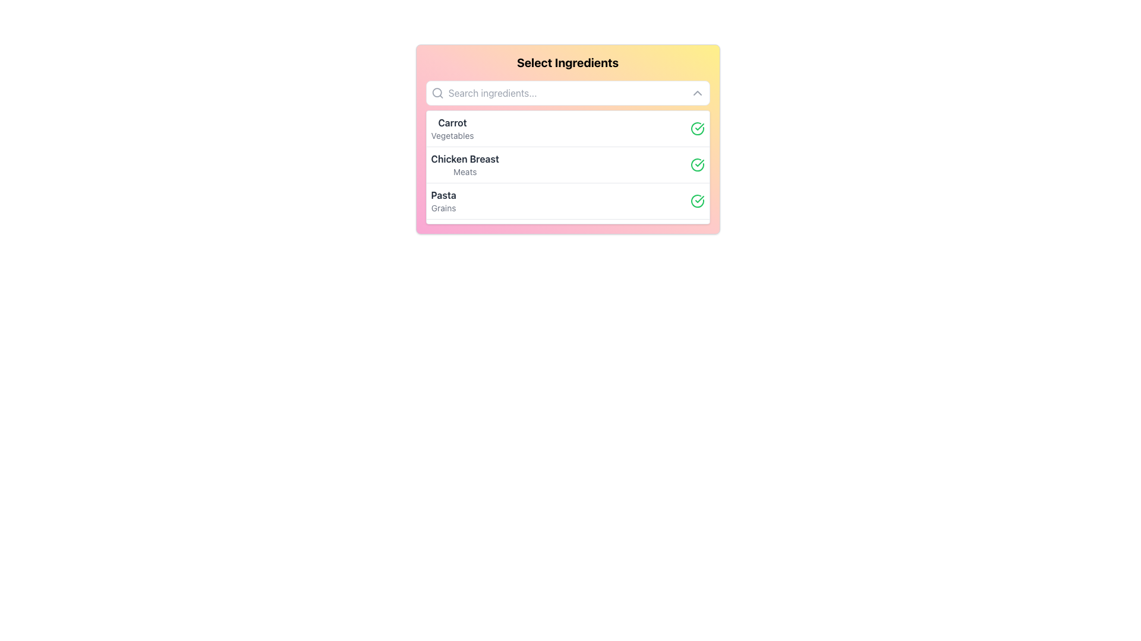 The image size is (1141, 641). What do you see at coordinates (436, 92) in the screenshot?
I see `the search icon representing the search functionality located at the leftmost end inside the search bar of the 'Select Ingredients' panel` at bounding box center [436, 92].